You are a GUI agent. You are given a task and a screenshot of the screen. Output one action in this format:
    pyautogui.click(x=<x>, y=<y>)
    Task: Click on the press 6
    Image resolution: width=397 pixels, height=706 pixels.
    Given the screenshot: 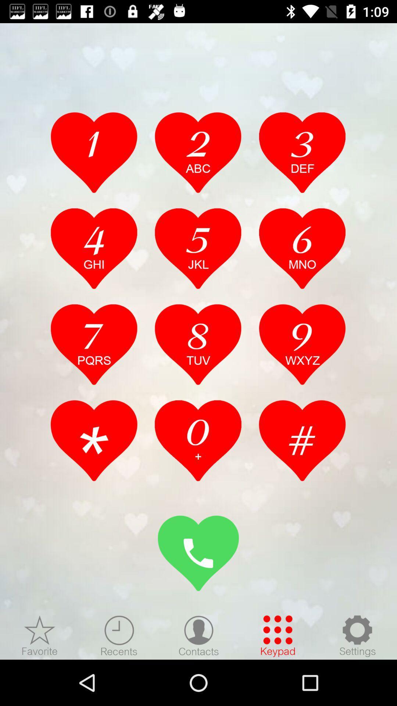 What is the action you would take?
    pyautogui.click(x=302, y=248)
    